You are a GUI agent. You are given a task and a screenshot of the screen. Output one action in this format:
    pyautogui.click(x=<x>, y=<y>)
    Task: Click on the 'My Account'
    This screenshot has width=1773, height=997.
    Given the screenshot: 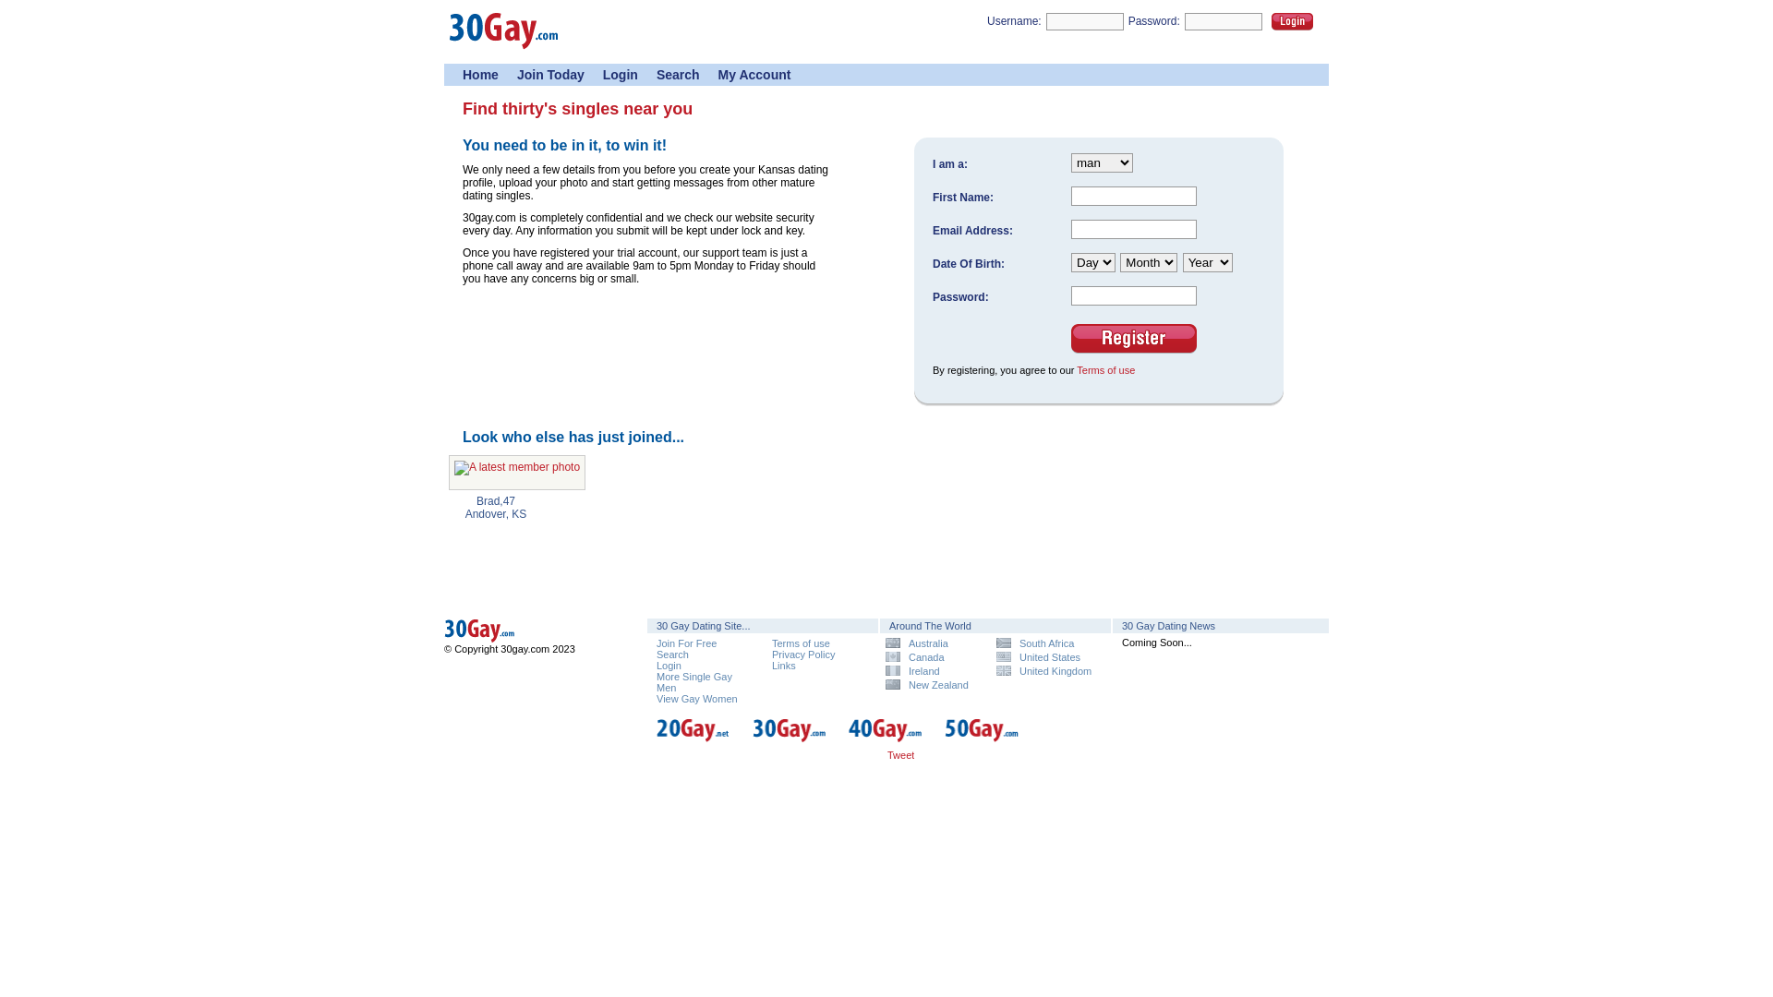 What is the action you would take?
    pyautogui.click(x=754, y=74)
    